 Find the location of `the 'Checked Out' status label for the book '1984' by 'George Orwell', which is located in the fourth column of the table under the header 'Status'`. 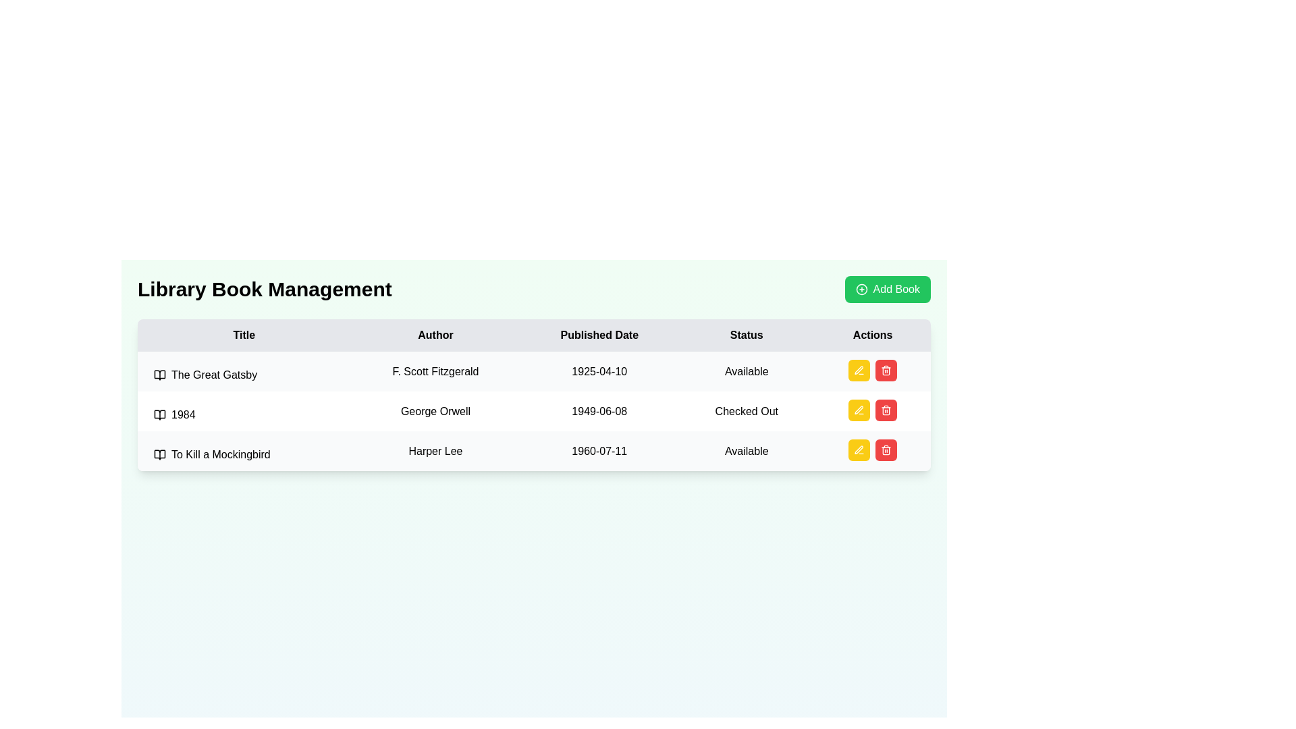

the 'Checked Out' status label for the book '1984' by 'George Orwell', which is located in the fourth column of the table under the header 'Status' is located at coordinates (746, 410).